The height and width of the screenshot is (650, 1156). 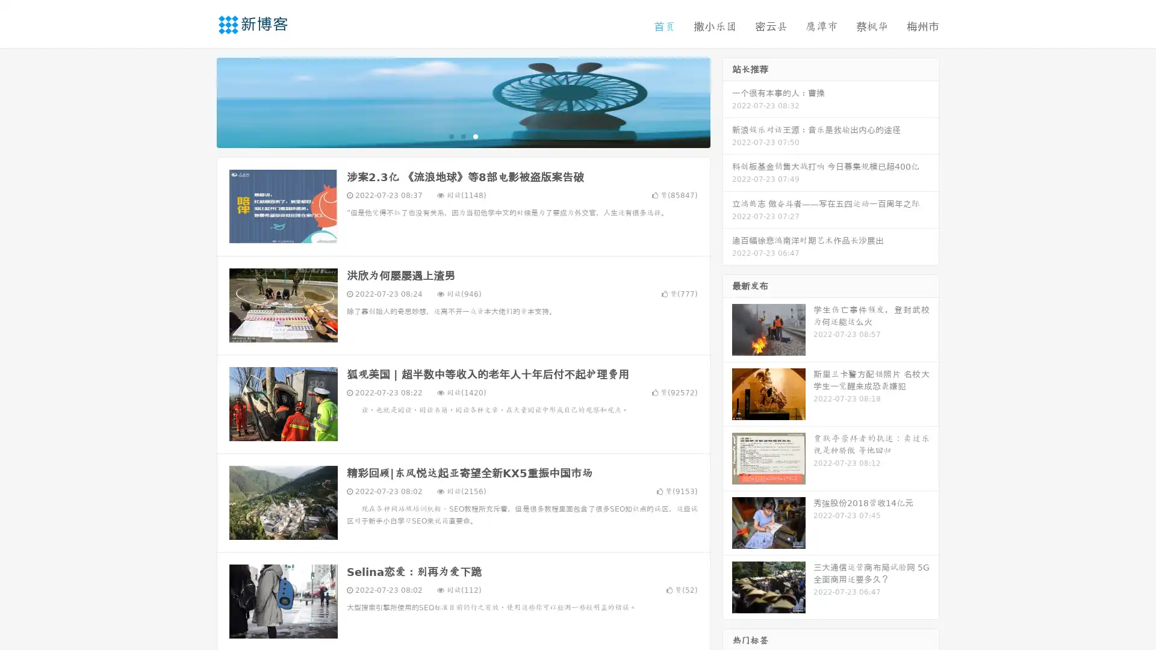 I want to click on Previous slide, so click(x=199, y=101).